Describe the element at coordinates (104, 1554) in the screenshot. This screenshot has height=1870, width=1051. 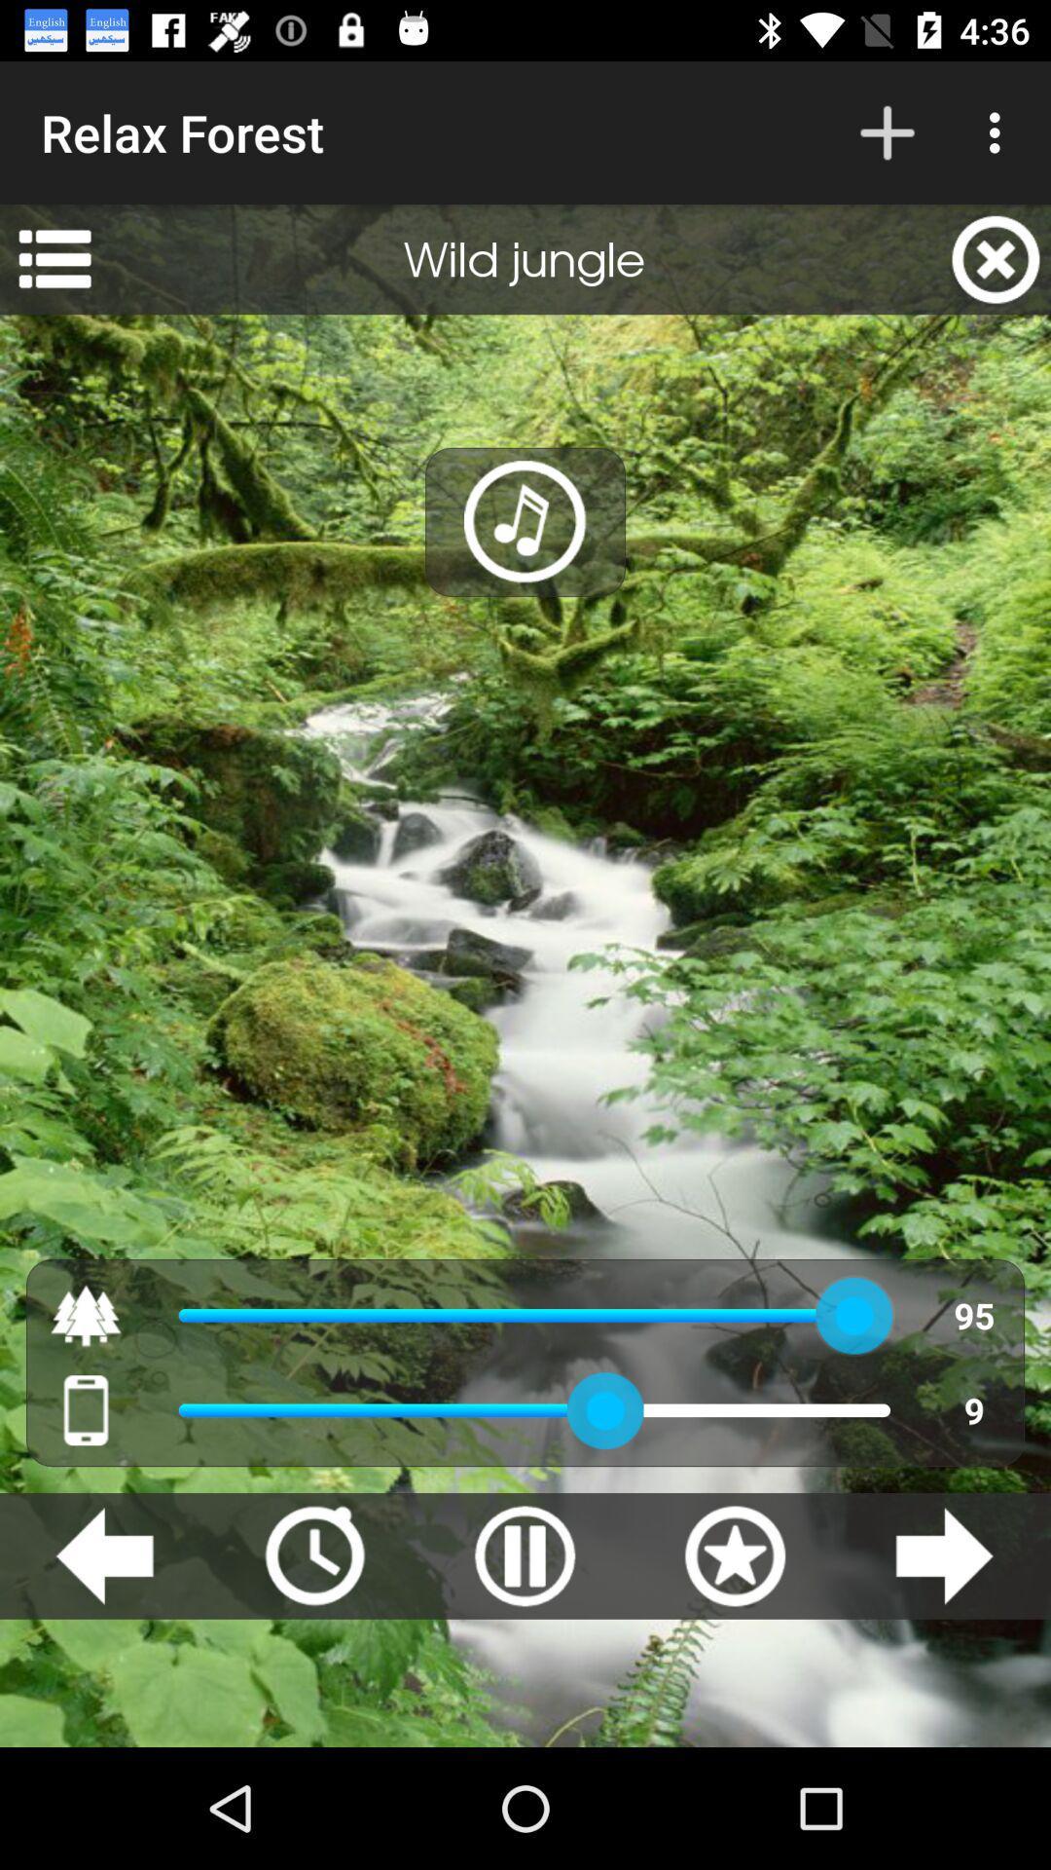
I see `the arrow_backward icon` at that location.